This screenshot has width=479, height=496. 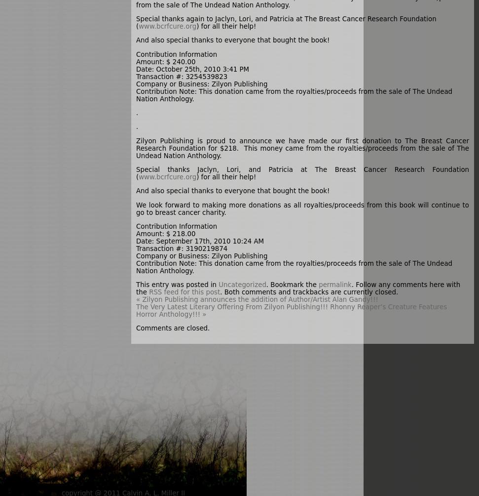 What do you see at coordinates (135, 248) in the screenshot?
I see `'Transaction #: 3190219874'` at bounding box center [135, 248].